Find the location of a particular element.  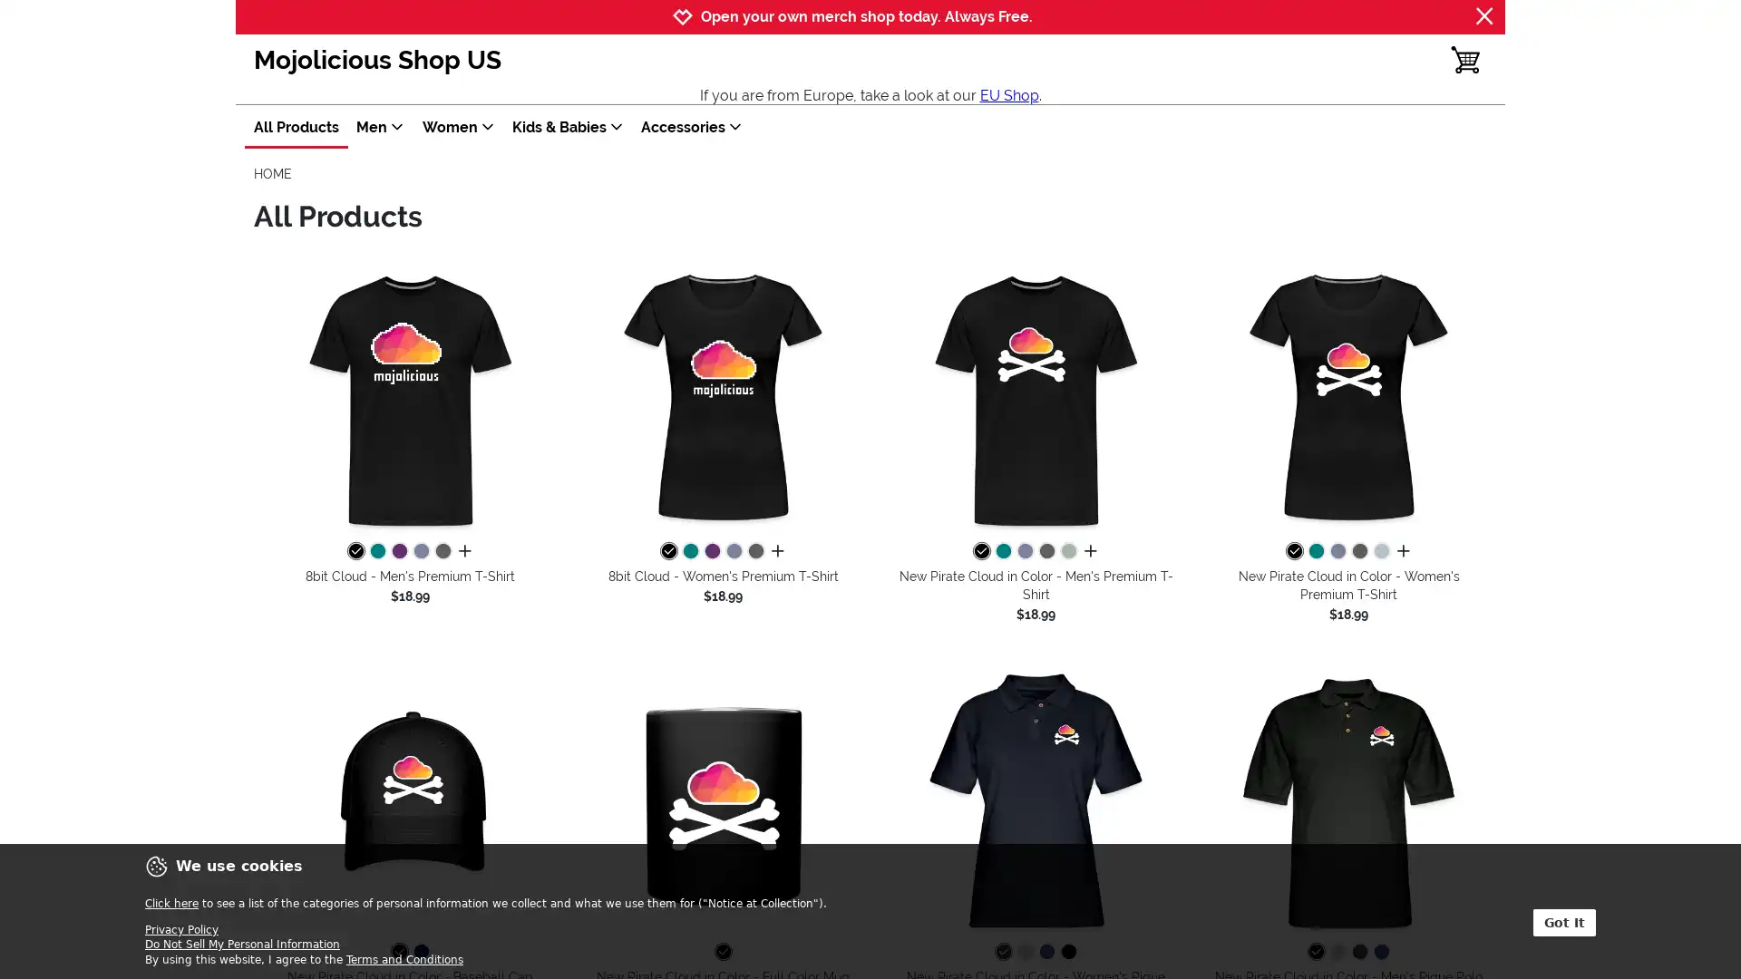

black is located at coordinates (667, 551).